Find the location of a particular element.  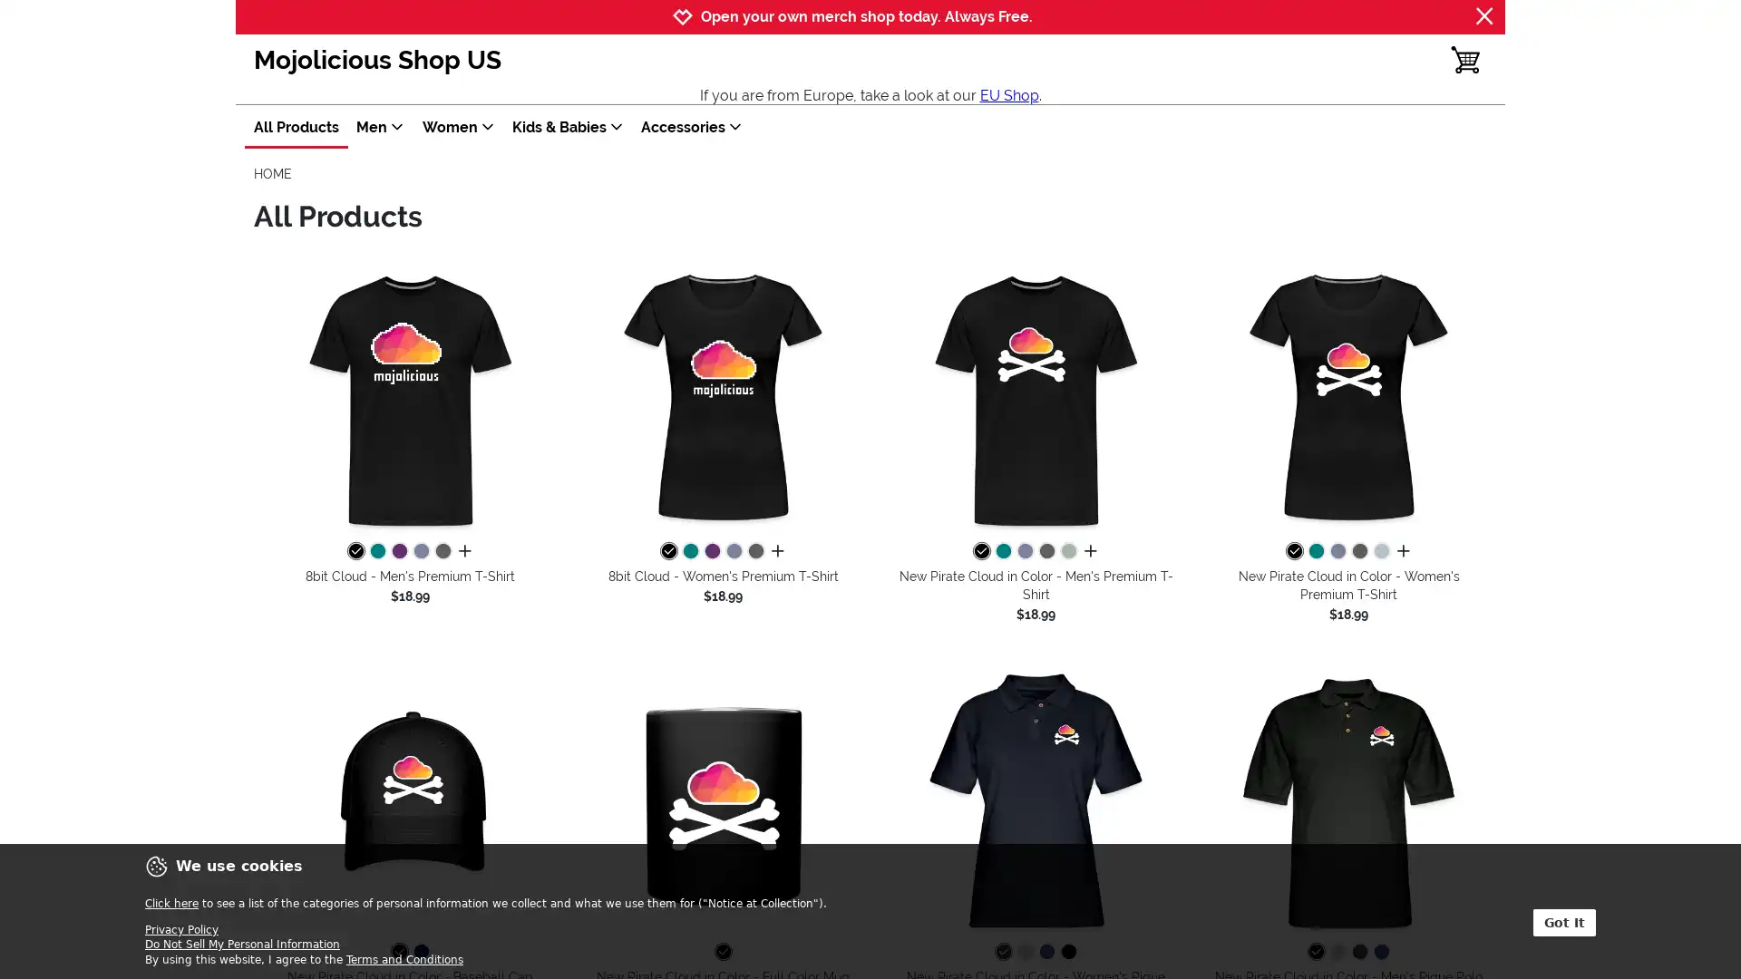

black is located at coordinates (667, 551).